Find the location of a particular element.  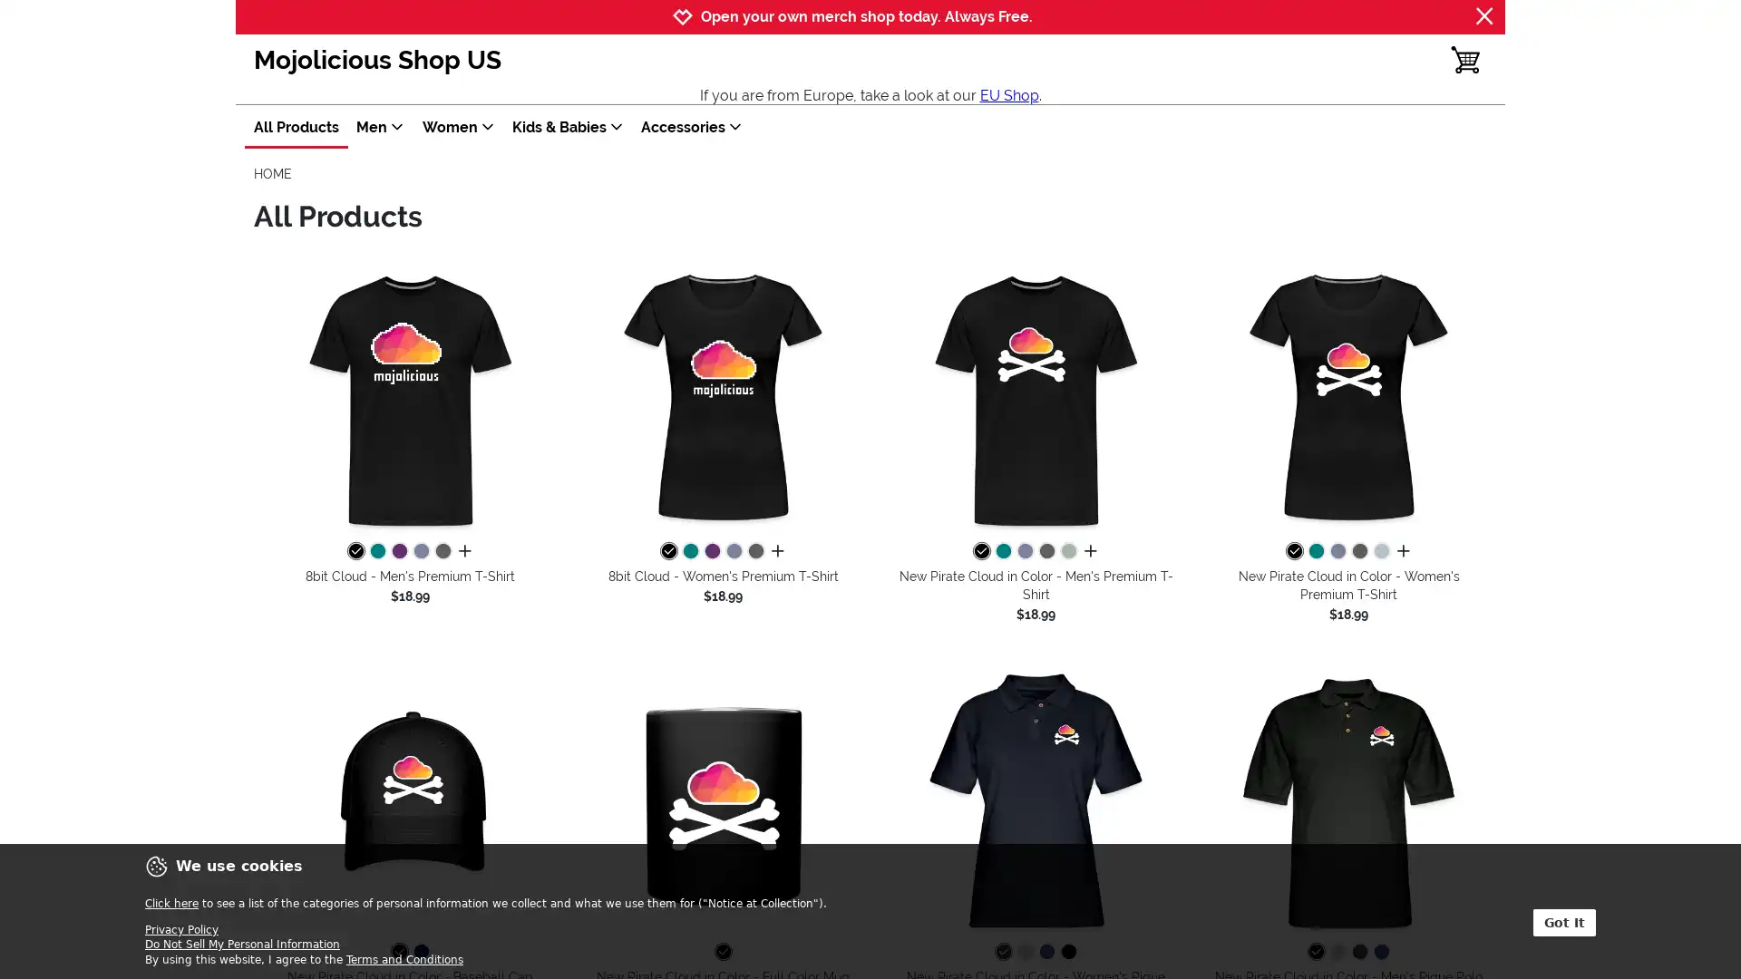

black is located at coordinates (667, 551).